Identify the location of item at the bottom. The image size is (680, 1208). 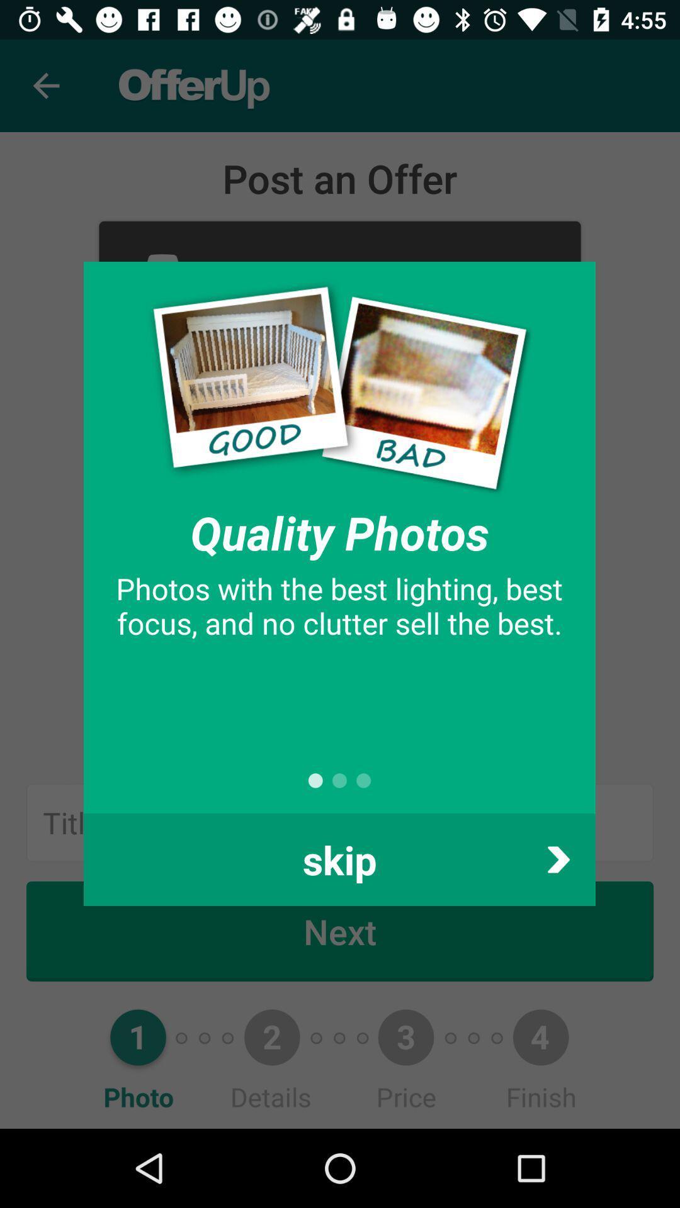
(339, 859).